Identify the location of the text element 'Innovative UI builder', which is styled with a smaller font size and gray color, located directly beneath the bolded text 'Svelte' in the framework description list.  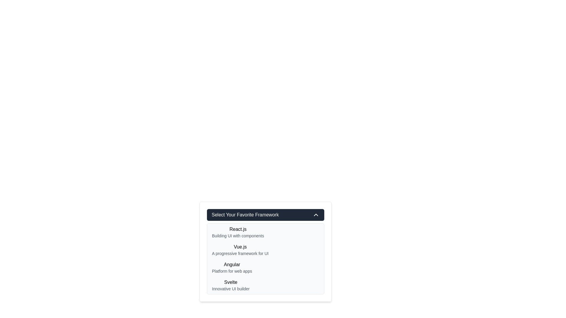
(230, 288).